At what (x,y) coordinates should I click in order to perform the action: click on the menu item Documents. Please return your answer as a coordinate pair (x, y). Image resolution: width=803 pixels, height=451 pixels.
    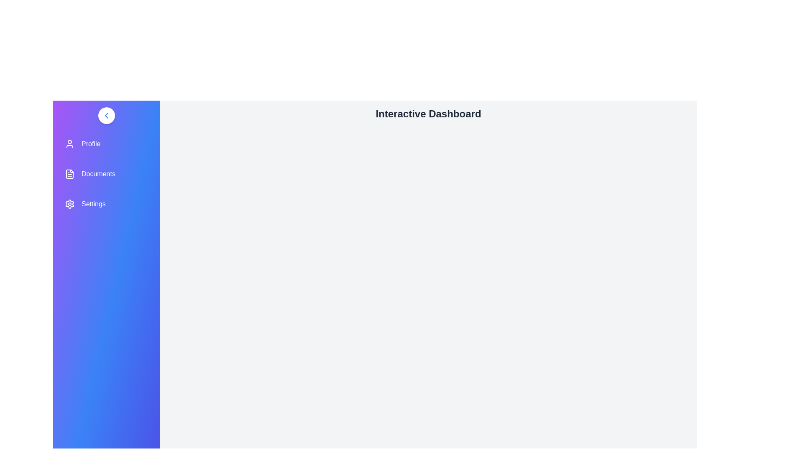
    Looking at the image, I should click on (106, 173).